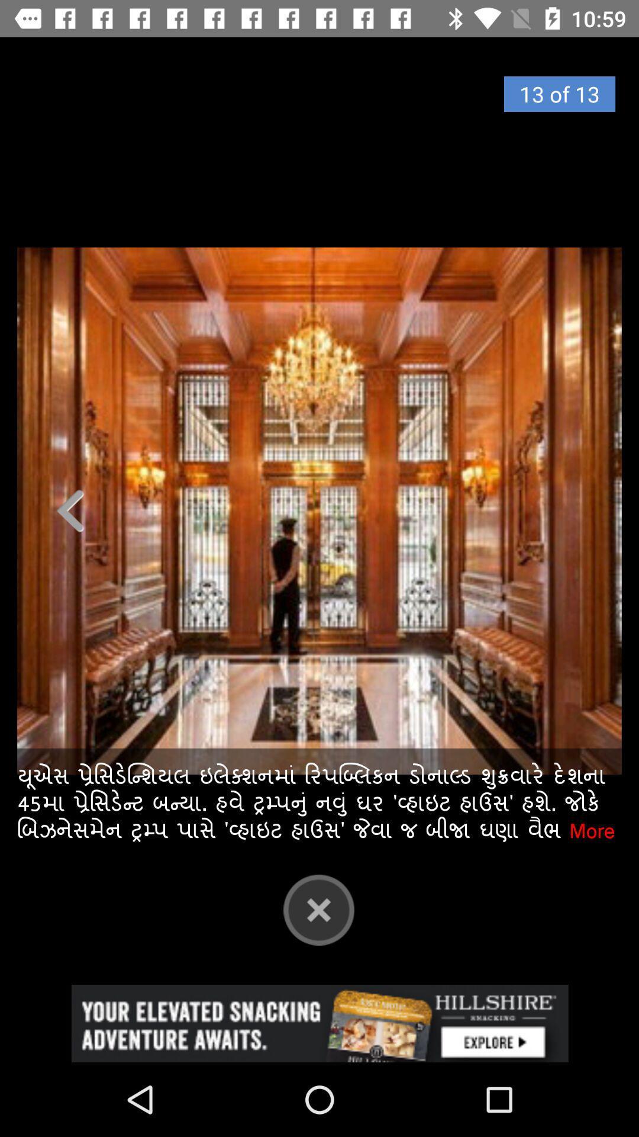  What do you see at coordinates (318, 909) in the screenshot?
I see `close` at bounding box center [318, 909].